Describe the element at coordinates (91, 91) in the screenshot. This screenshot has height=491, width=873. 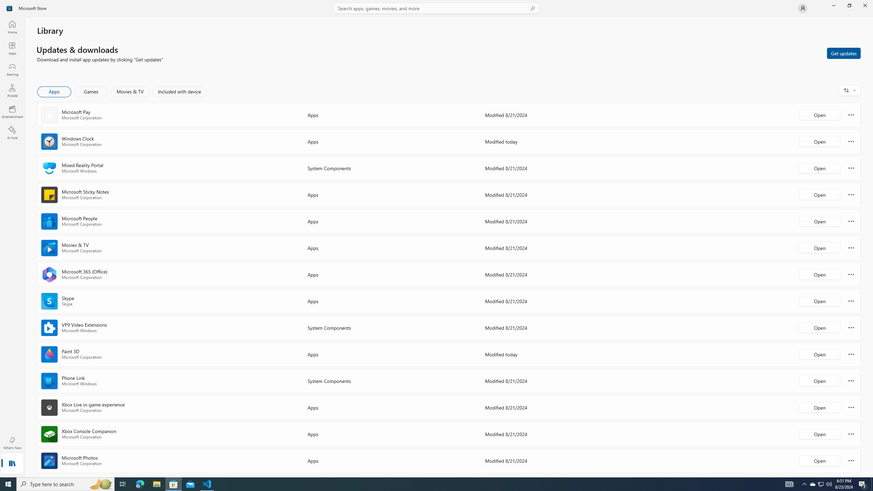
I see `'Games'` at that location.